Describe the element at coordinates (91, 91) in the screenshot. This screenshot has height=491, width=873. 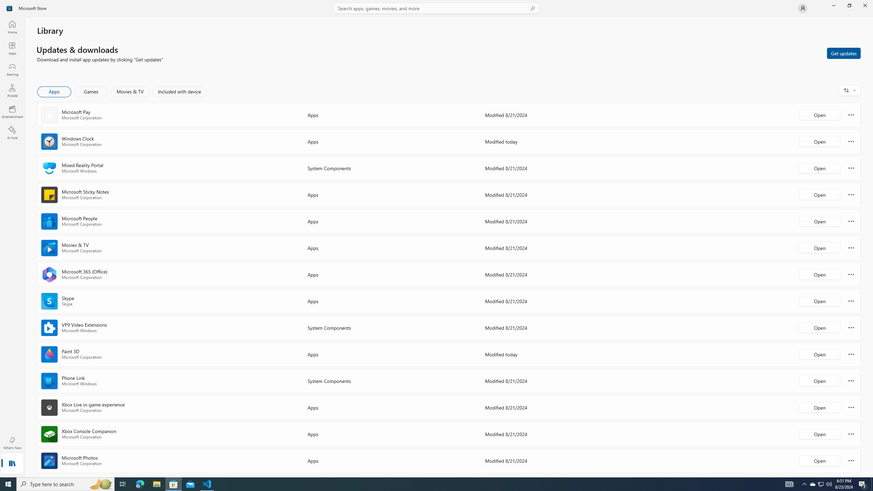
I see `'Games'` at that location.